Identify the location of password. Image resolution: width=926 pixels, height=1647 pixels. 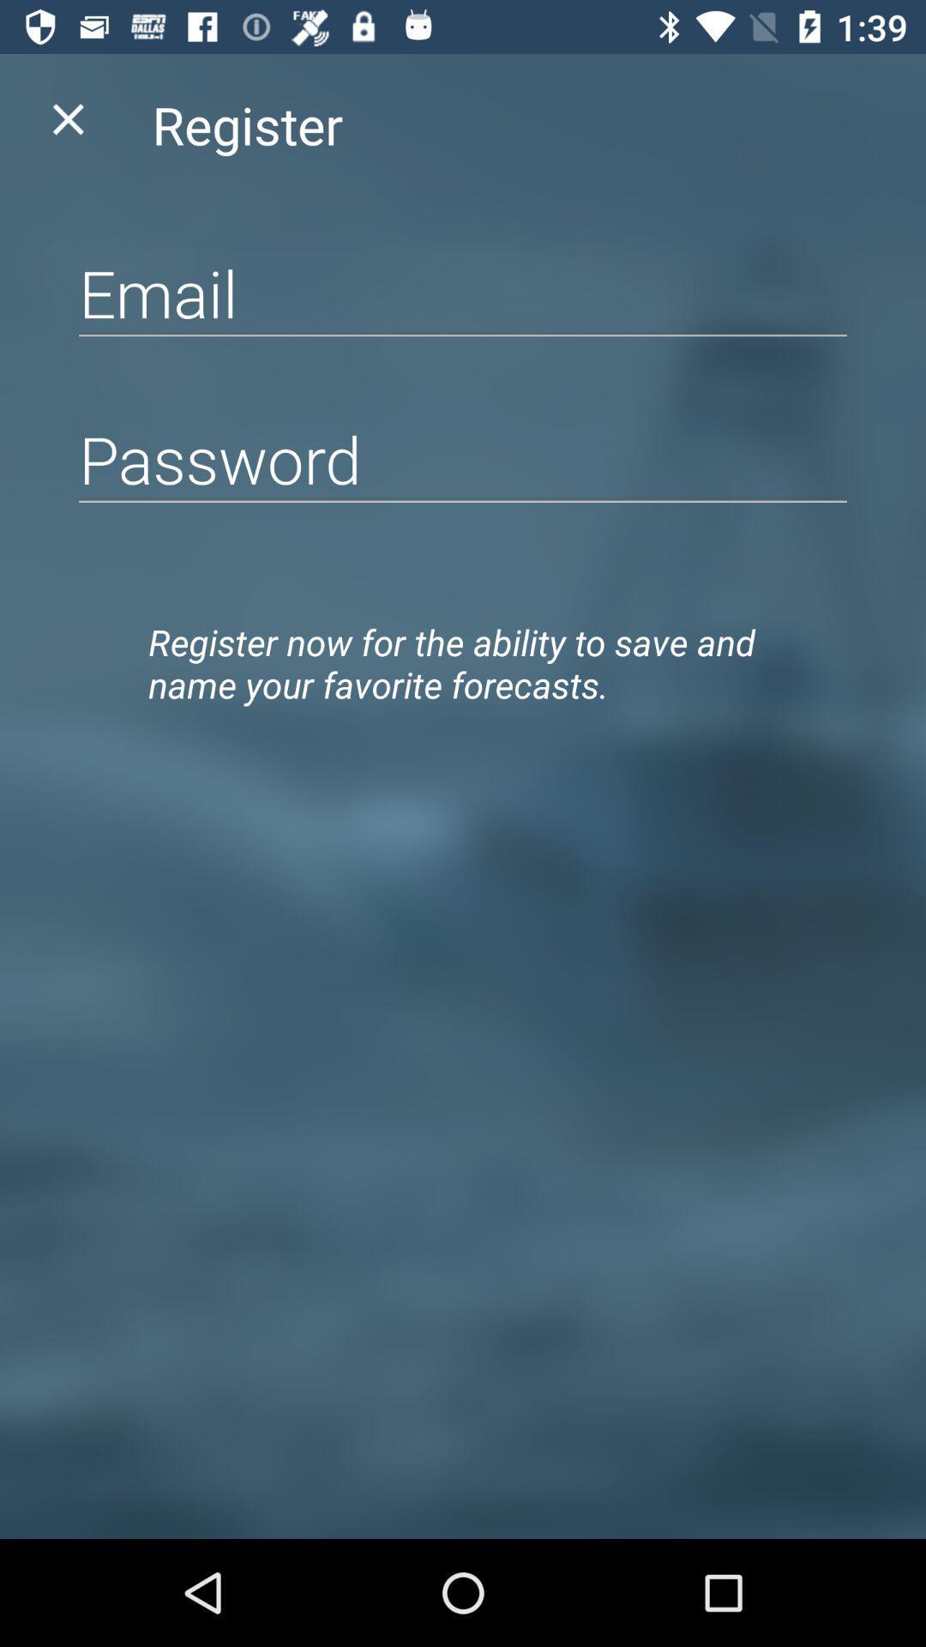
(463, 459).